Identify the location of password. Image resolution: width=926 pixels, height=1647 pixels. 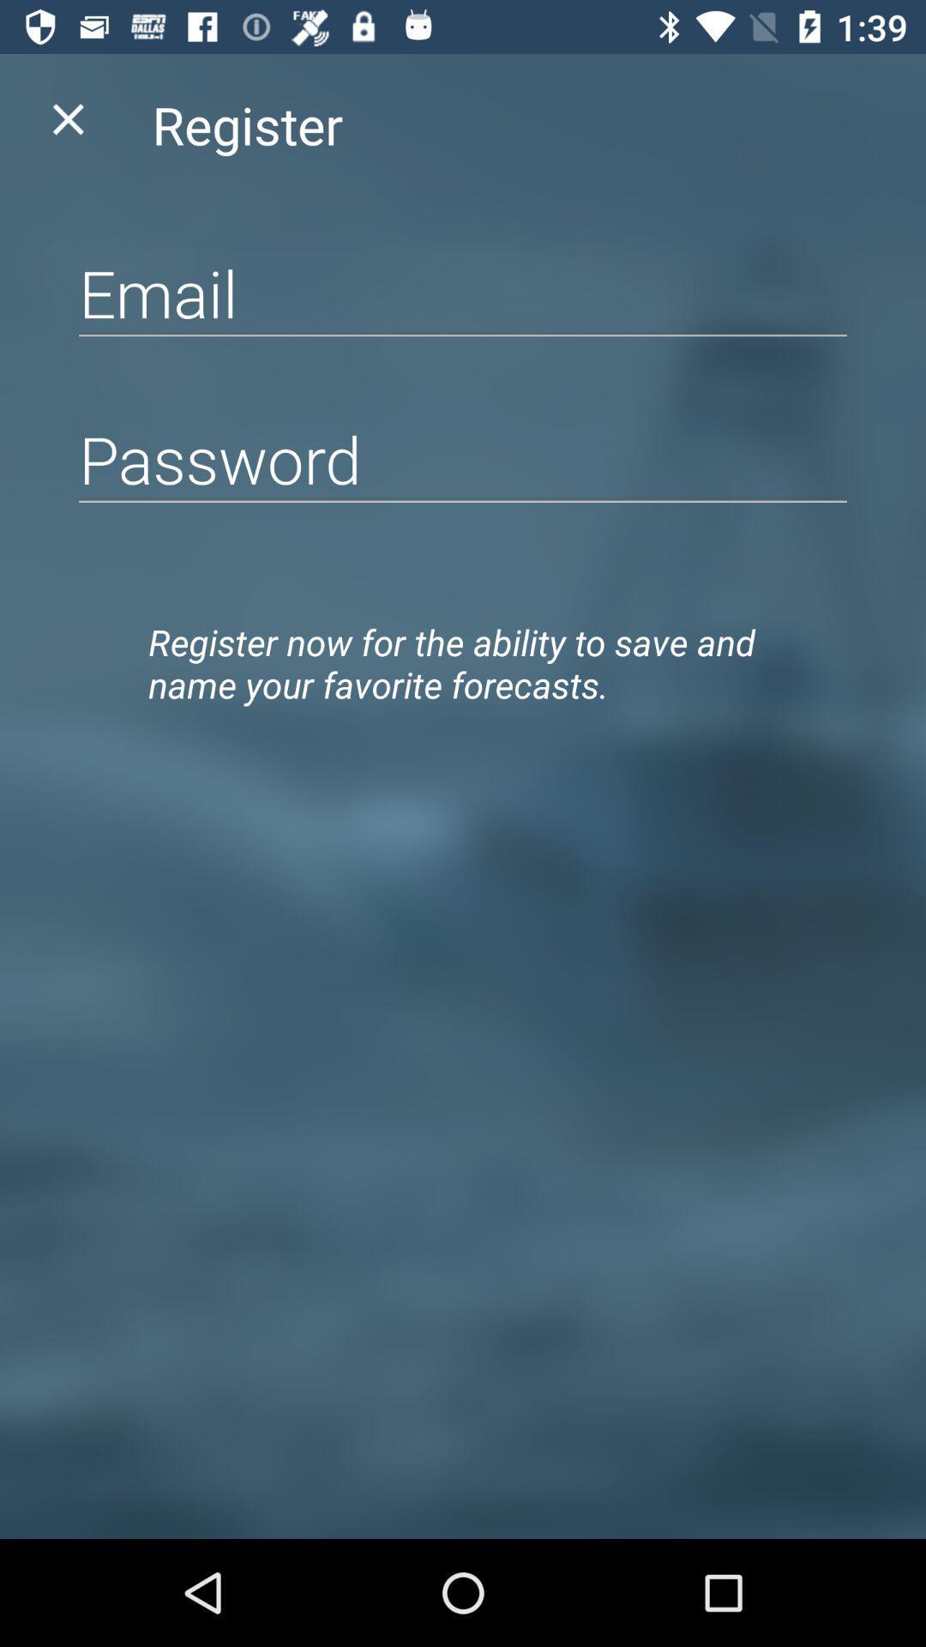
(463, 459).